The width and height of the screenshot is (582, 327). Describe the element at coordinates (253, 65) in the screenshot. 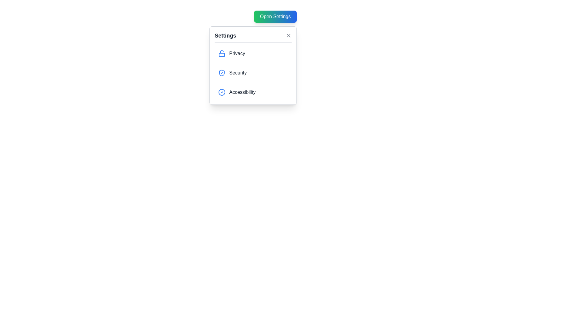

I see `the Dropdown Menu located below the 'Open Settings' button` at that location.